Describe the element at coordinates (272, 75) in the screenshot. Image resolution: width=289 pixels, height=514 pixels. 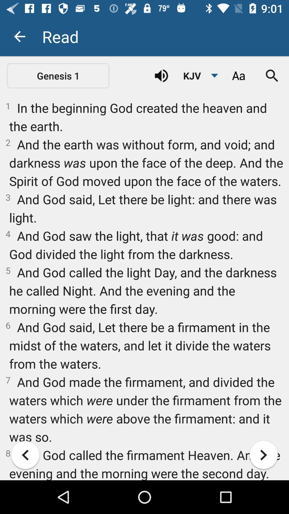
I see `search the text` at that location.